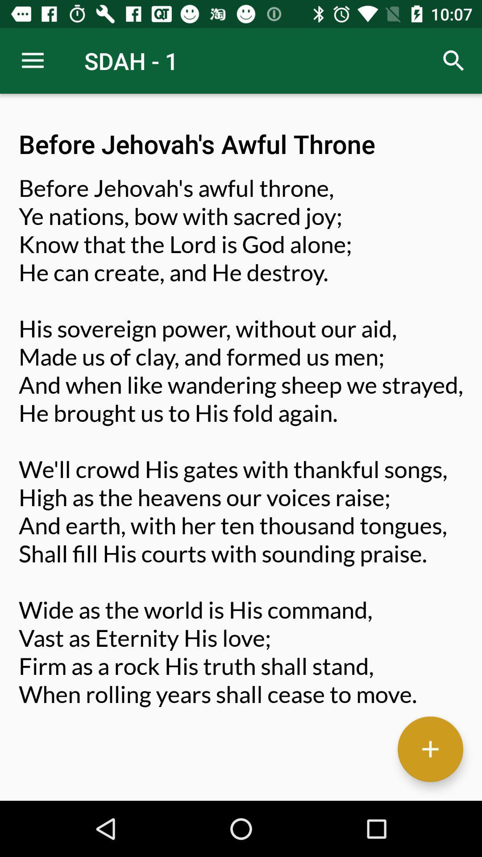  I want to click on icon at the bottom right corner, so click(430, 749).